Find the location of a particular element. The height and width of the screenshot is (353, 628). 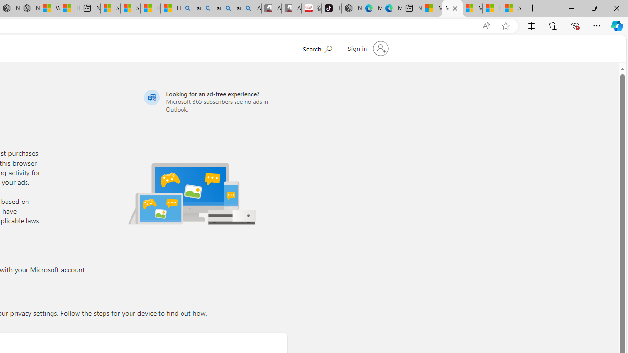

'Microsoft account | Privacy' is located at coordinates (452, 8).